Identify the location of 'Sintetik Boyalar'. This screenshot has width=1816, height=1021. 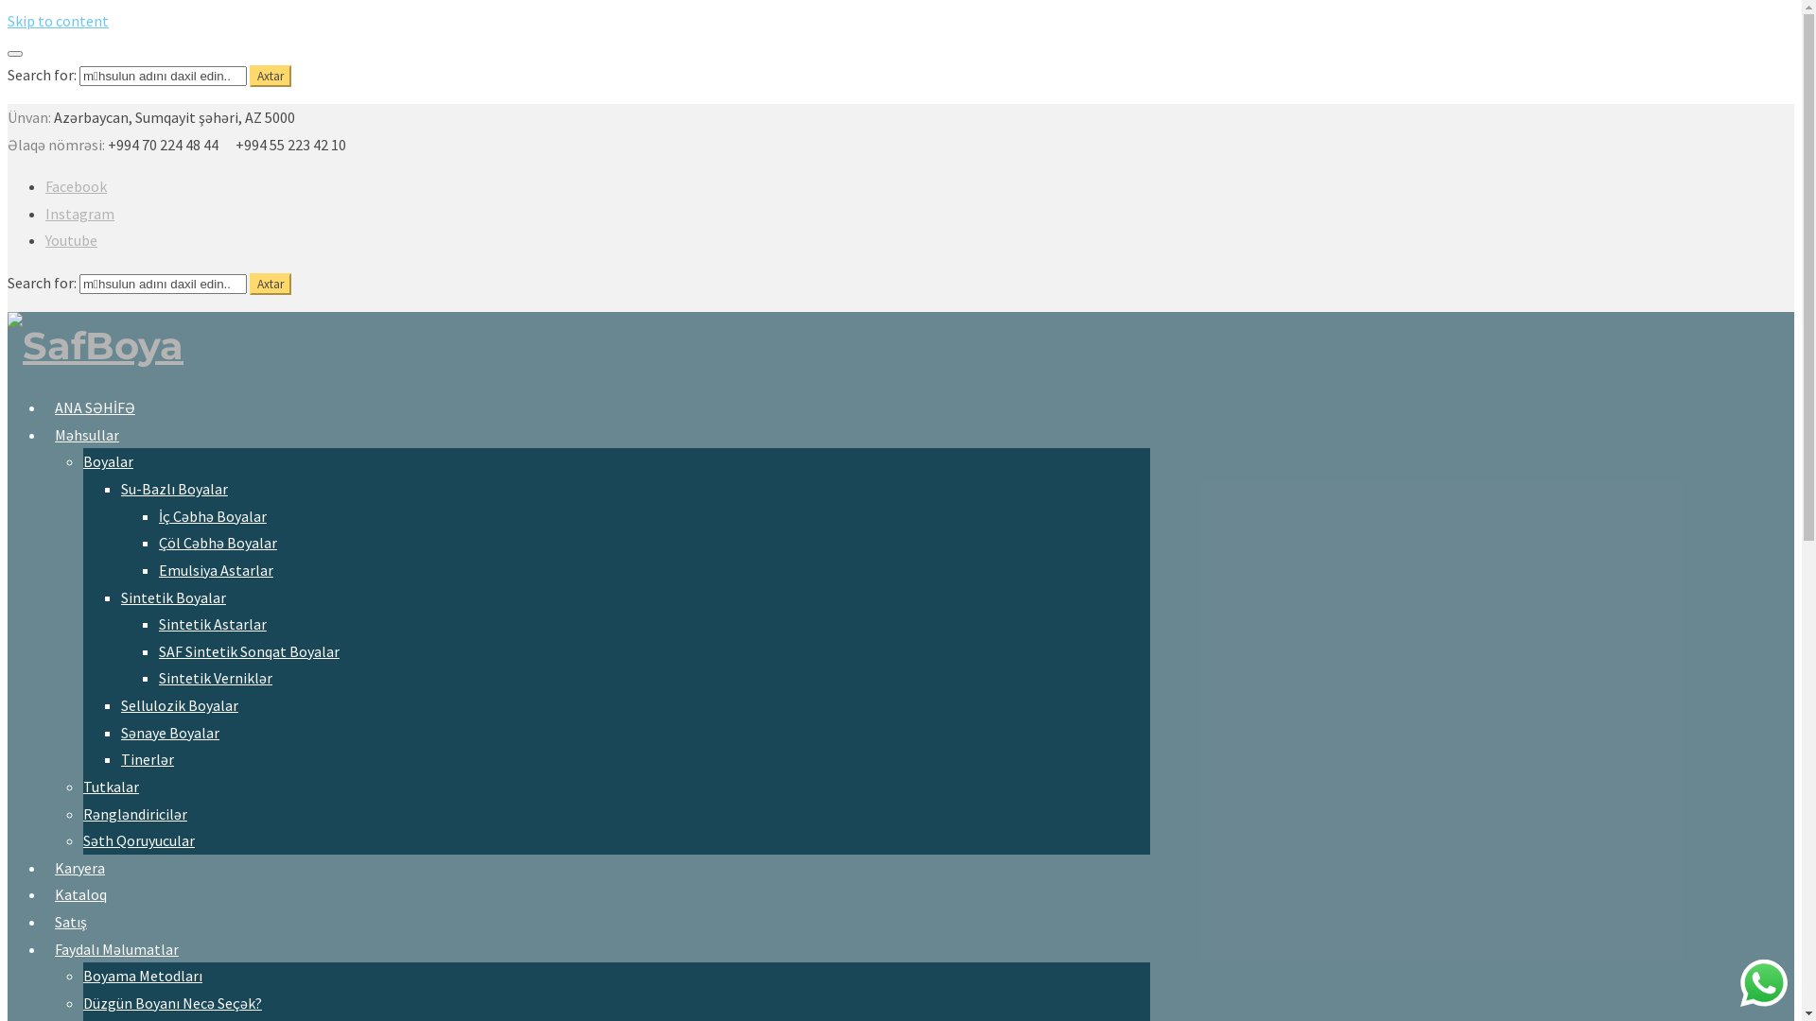
(173, 597).